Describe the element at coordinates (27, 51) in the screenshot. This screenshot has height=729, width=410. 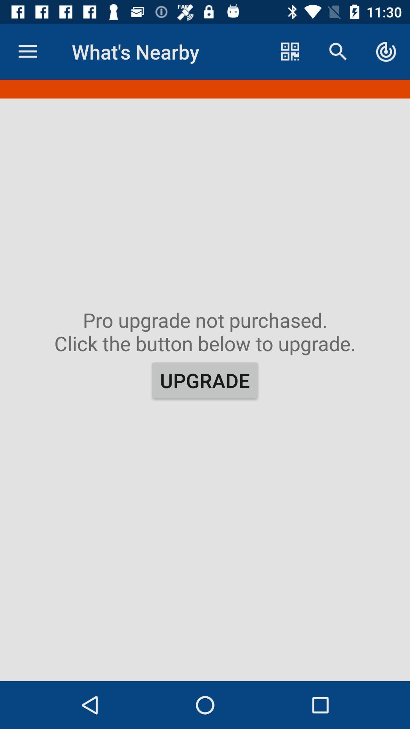
I see `the item to the left of the what's nearby` at that location.